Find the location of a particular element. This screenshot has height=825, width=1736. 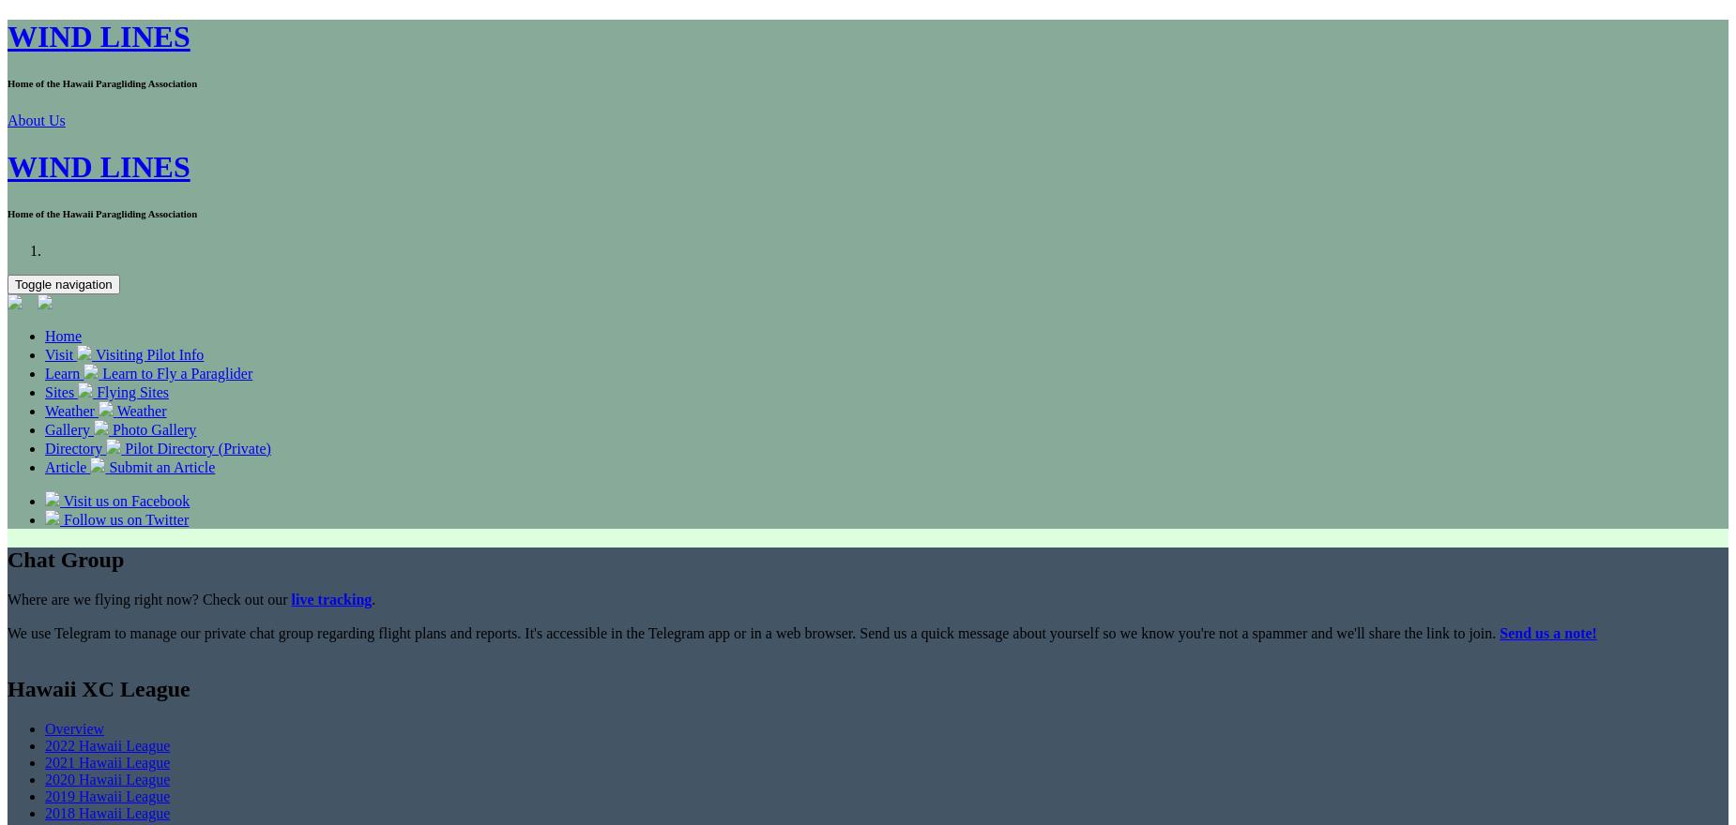

'Submit an Article' is located at coordinates (107, 466).